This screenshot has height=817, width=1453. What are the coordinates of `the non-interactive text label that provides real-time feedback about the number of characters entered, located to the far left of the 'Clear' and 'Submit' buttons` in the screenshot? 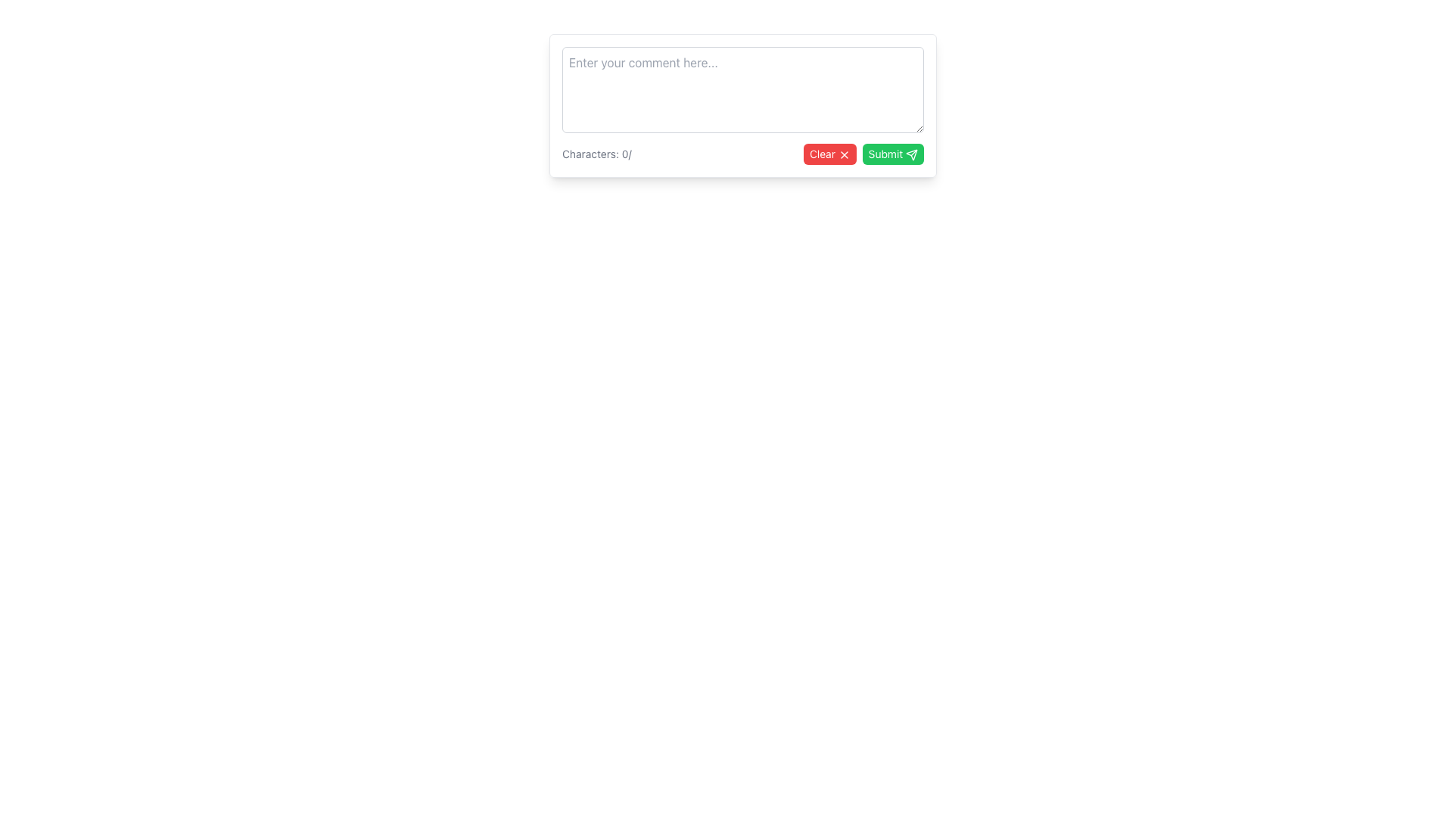 It's located at (596, 154).